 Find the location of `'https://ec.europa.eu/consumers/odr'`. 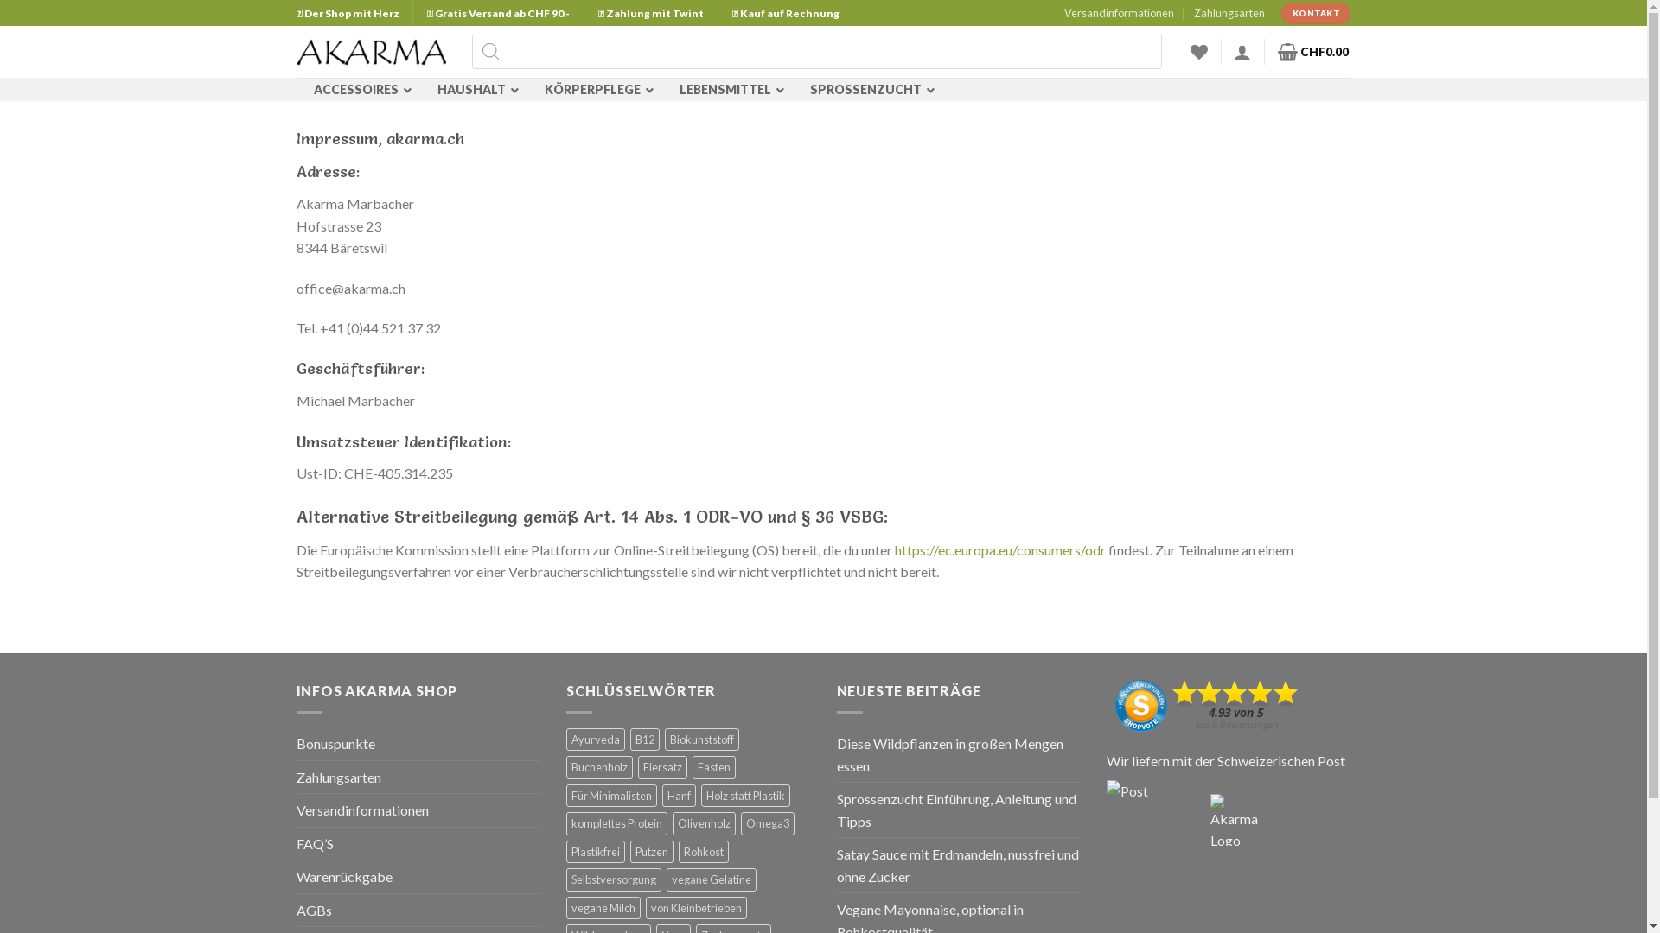

'https://ec.europa.eu/consumers/odr' is located at coordinates (999, 549).